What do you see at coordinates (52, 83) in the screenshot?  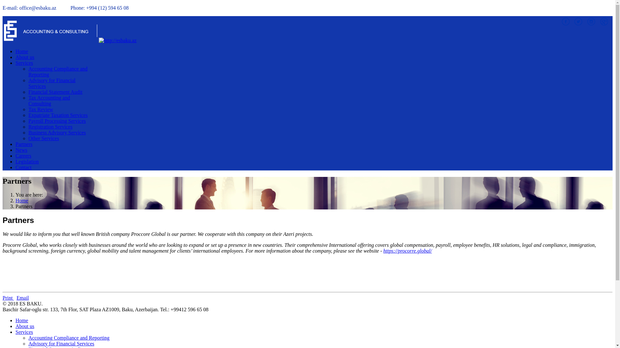 I see `'Advisory for Financial Services'` at bounding box center [52, 83].